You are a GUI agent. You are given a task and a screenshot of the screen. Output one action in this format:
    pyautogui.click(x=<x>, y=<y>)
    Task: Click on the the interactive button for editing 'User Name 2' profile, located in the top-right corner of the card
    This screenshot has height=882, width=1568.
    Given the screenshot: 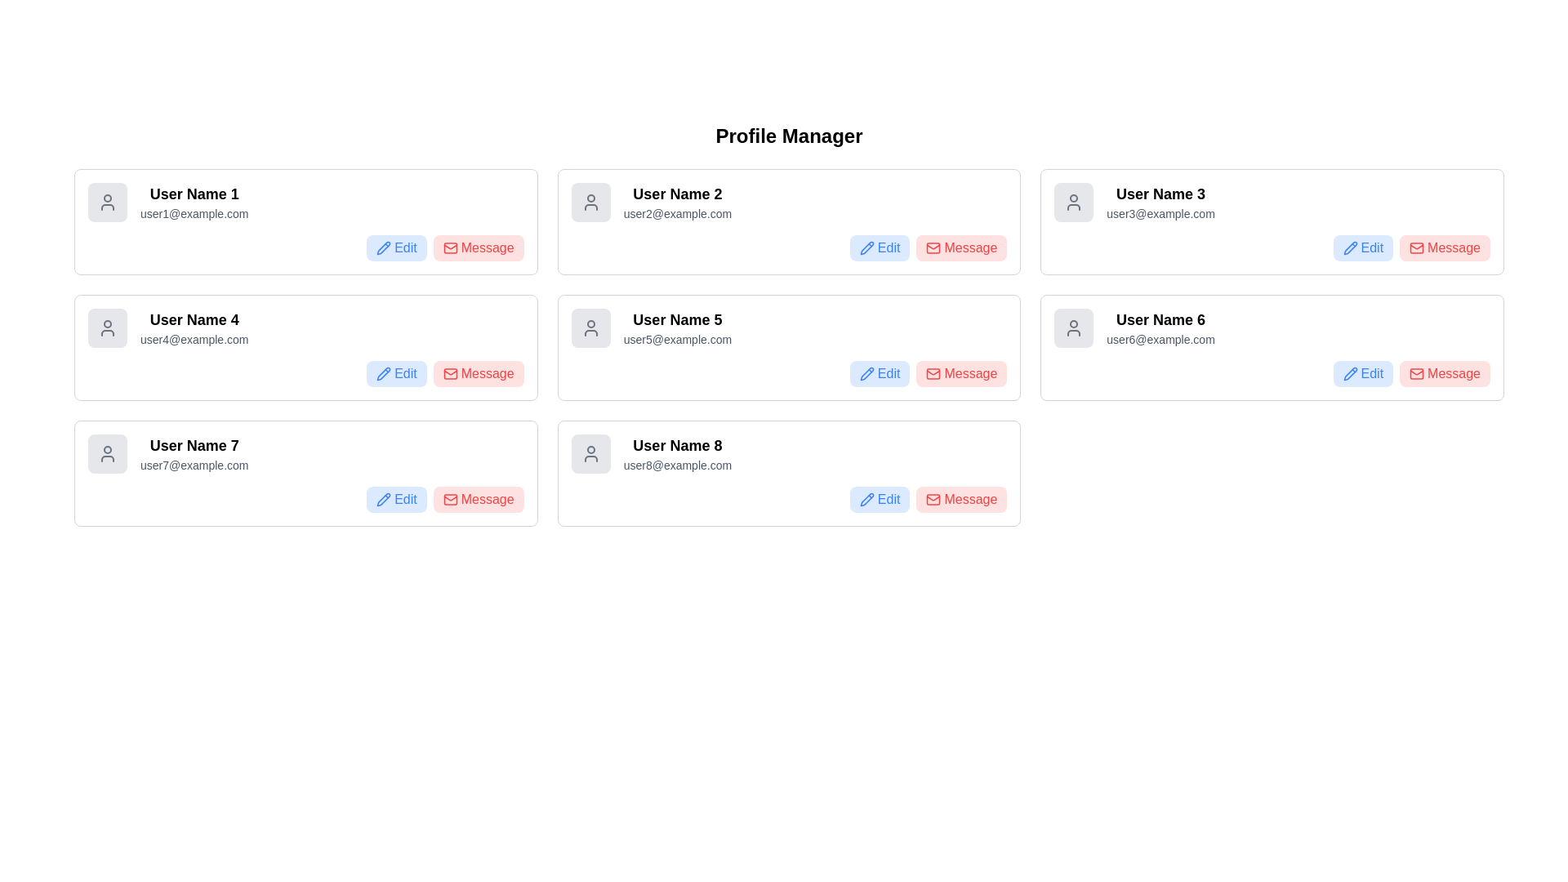 What is the action you would take?
    pyautogui.click(x=879, y=248)
    